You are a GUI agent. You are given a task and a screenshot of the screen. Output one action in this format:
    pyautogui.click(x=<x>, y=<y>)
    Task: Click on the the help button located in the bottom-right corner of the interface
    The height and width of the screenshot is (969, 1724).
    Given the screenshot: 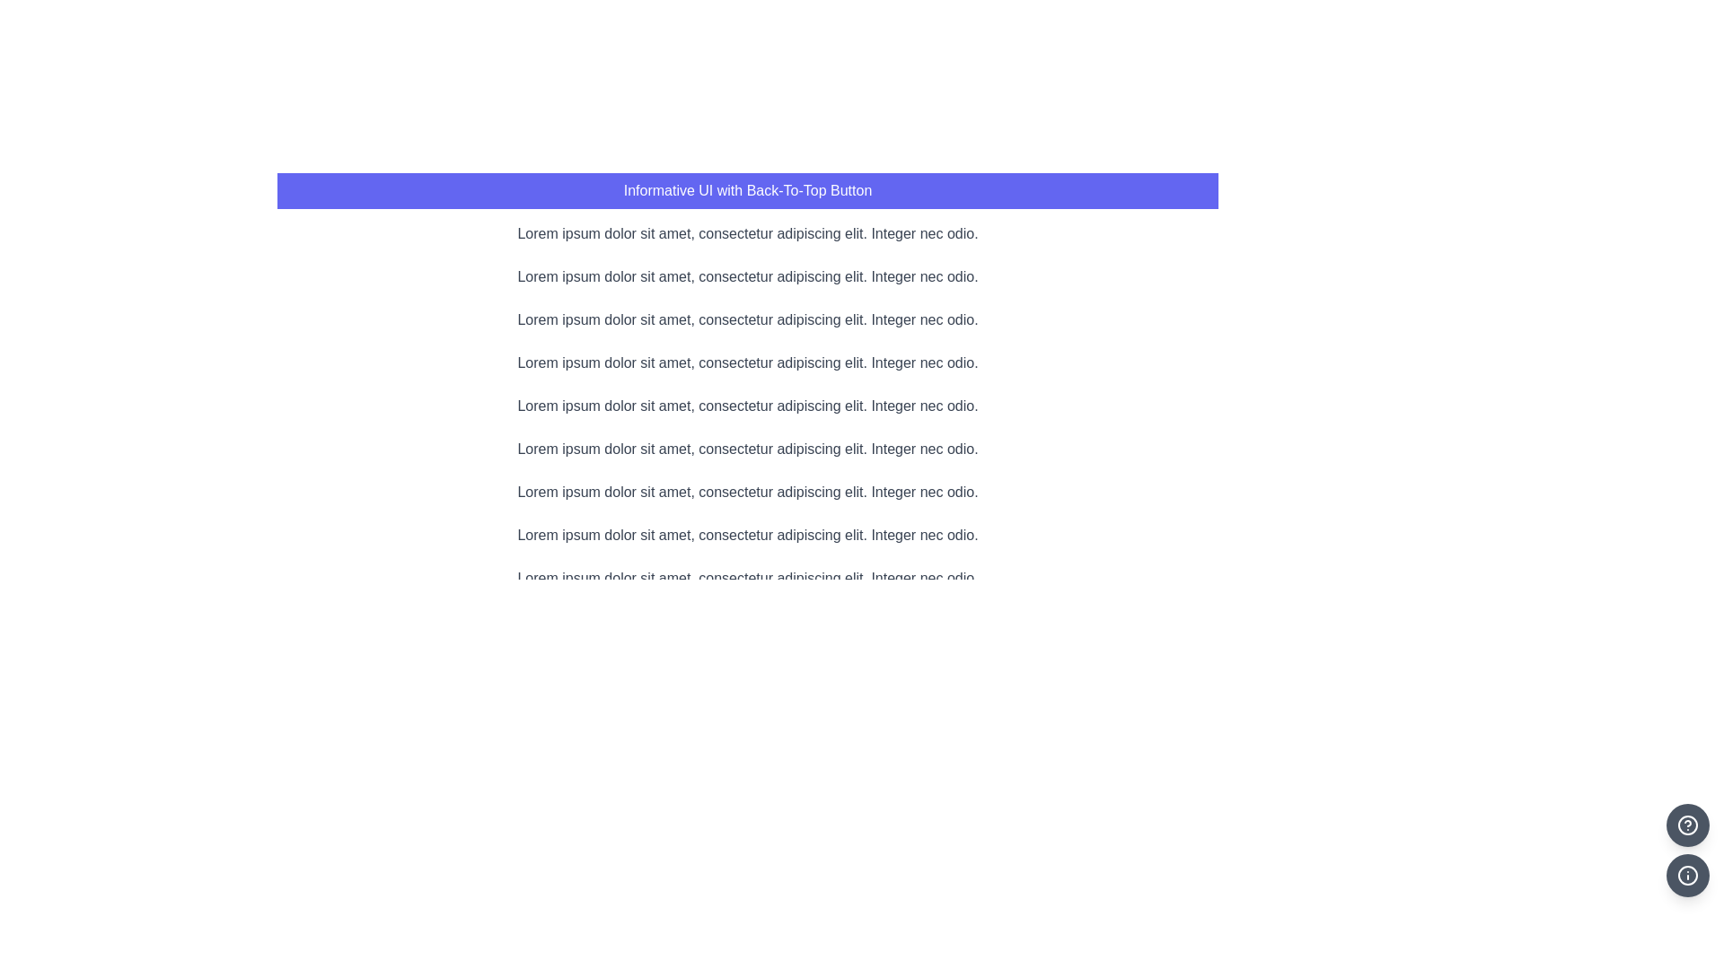 What is the action you would take?
    pyautogui.click(x=1687, y=825)
    